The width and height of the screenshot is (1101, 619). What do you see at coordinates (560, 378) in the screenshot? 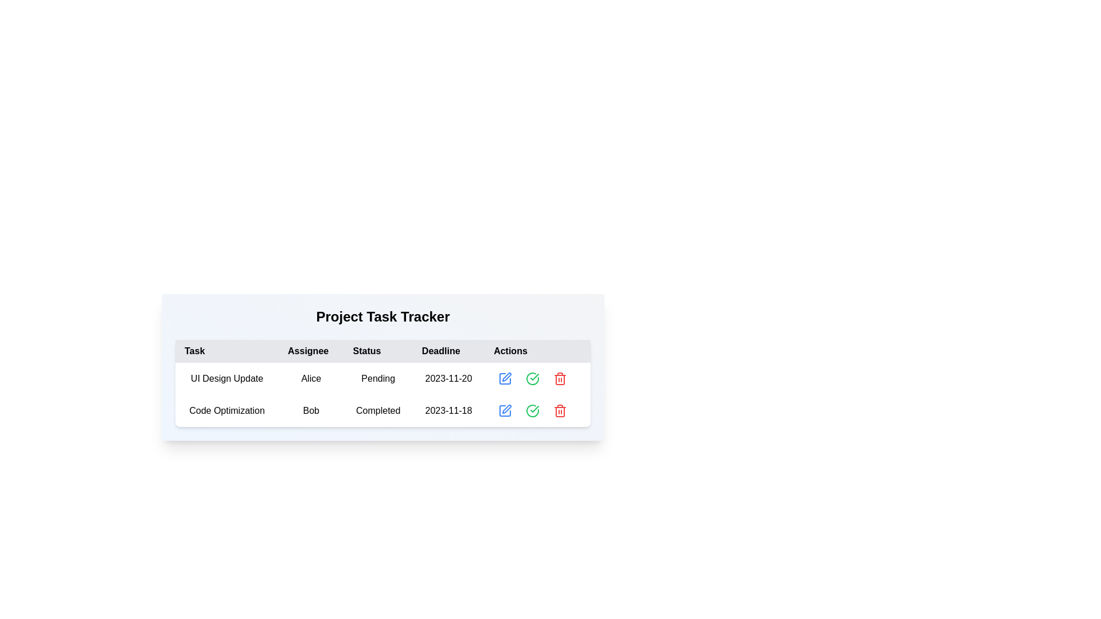
I see `the red trash bin icon in the second row of the 'Actions' column to initiate the deletion operation of the task 'Code Optimization'` at bounding box center [560, 378].